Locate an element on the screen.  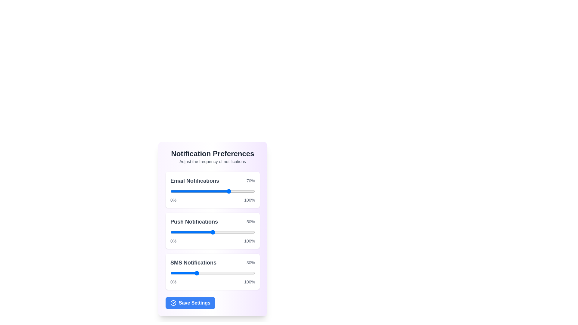
the Email Notification slider is located at coordinates (184, 191).